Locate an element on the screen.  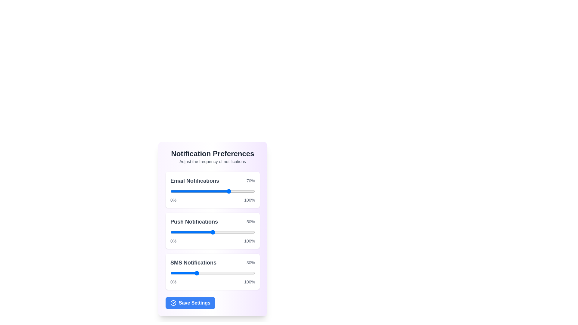
the Email Notification slider is located at coordinates (184, 191).